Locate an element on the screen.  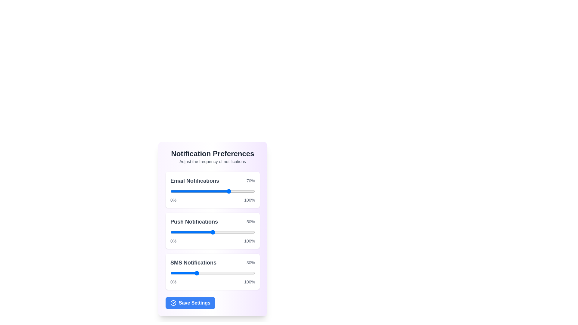
the Email Notification slider is located at coordinates (184, 191).